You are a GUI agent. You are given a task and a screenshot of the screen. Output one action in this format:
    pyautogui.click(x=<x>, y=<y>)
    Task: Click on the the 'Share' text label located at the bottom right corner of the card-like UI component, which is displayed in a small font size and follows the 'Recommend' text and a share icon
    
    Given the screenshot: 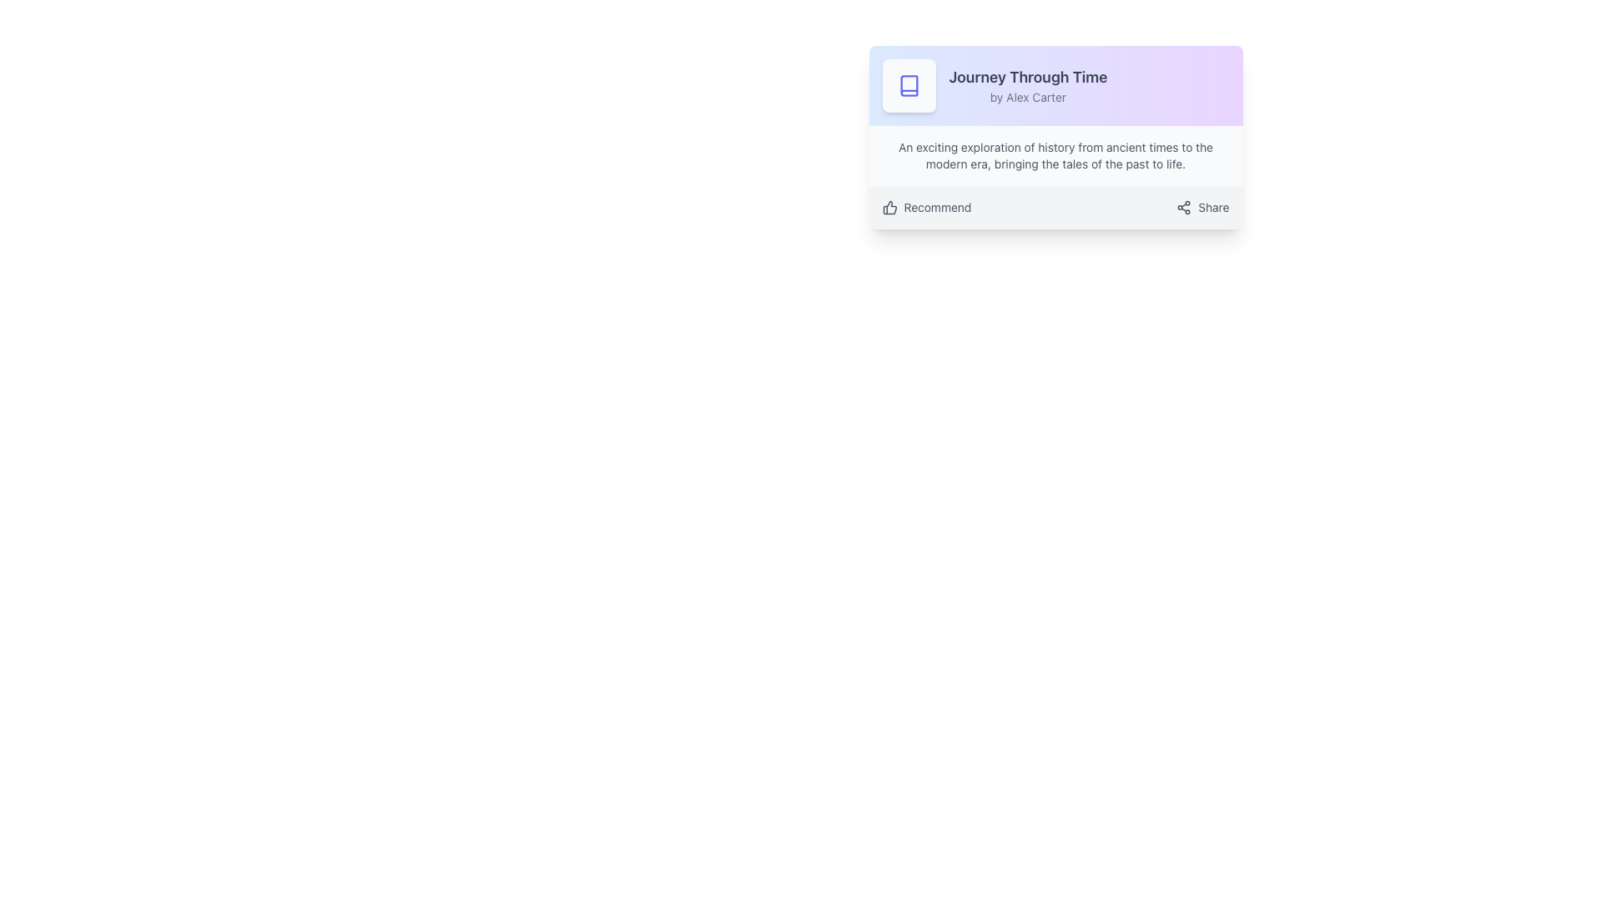 What is the action you would take?
    pyautogui.click(x=1213, y=207)
    